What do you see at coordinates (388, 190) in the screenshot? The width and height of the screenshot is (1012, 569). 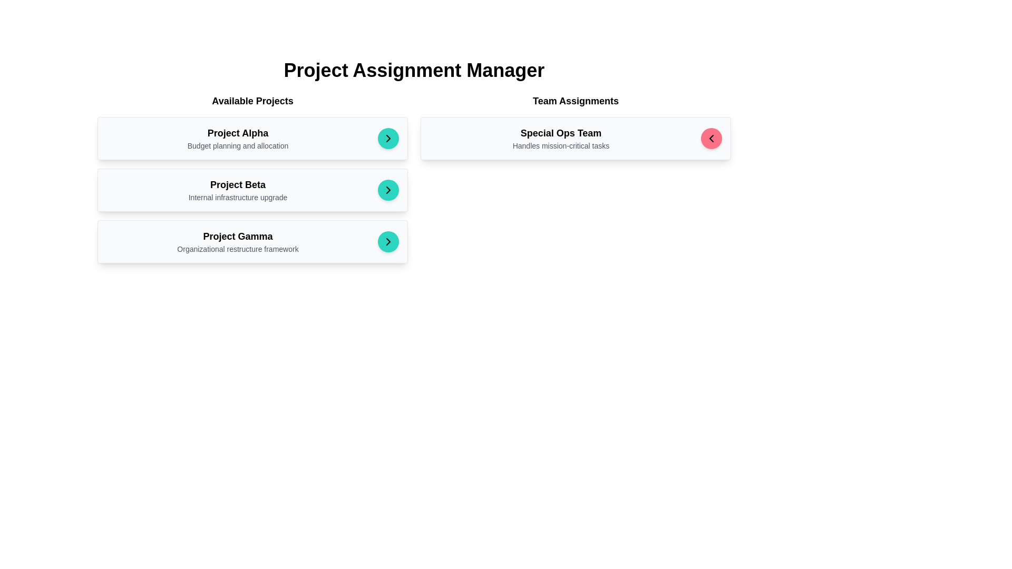 I see `the rightward-facing chevron icon located at the far right corner of the 'Project Gamma' card in the 'Available Projects' section` at bounding box center [388, 190].